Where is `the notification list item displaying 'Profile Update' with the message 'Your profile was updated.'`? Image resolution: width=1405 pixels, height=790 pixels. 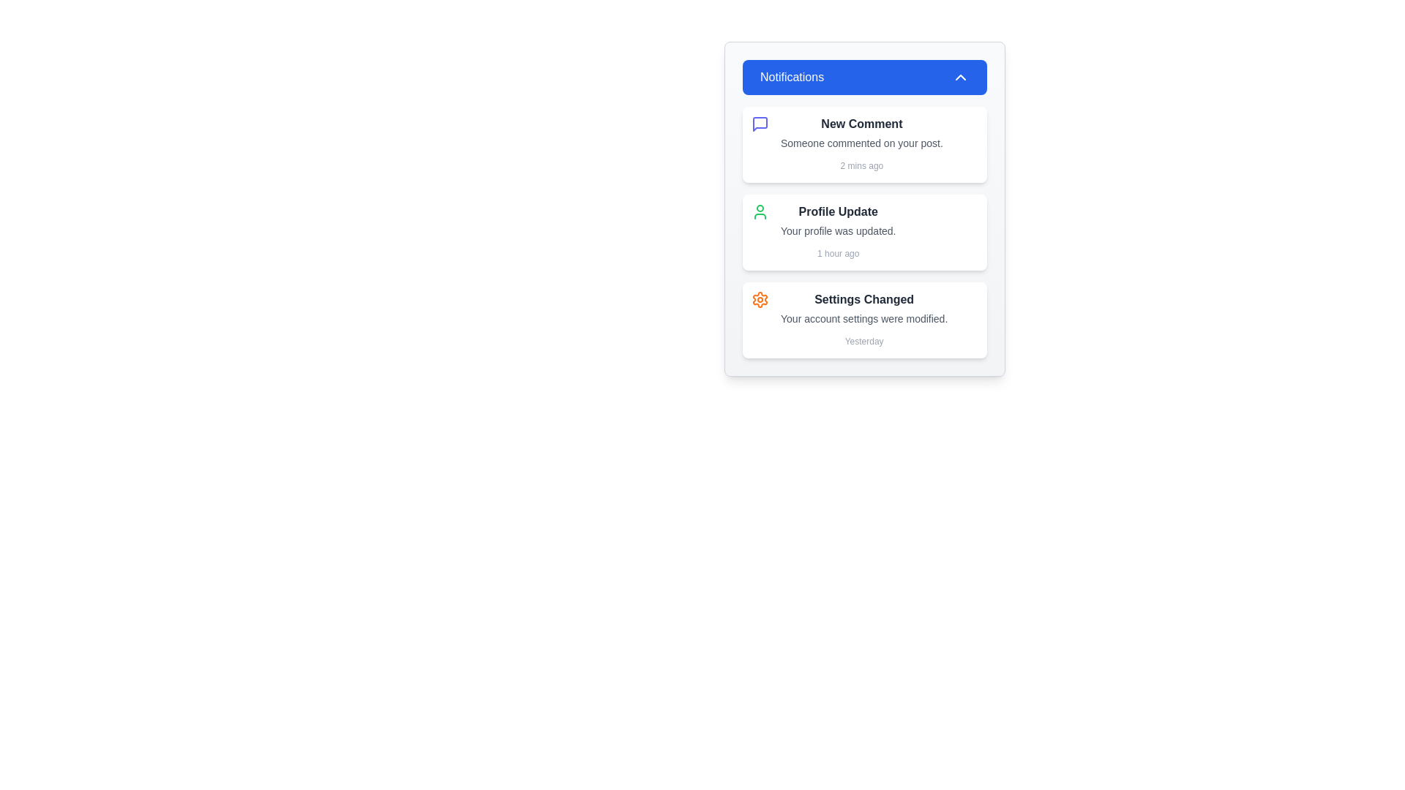
the notification list item displaying 'Profile Update' with the message 'Your profile was updated.' is located at coordinates (838, 231).